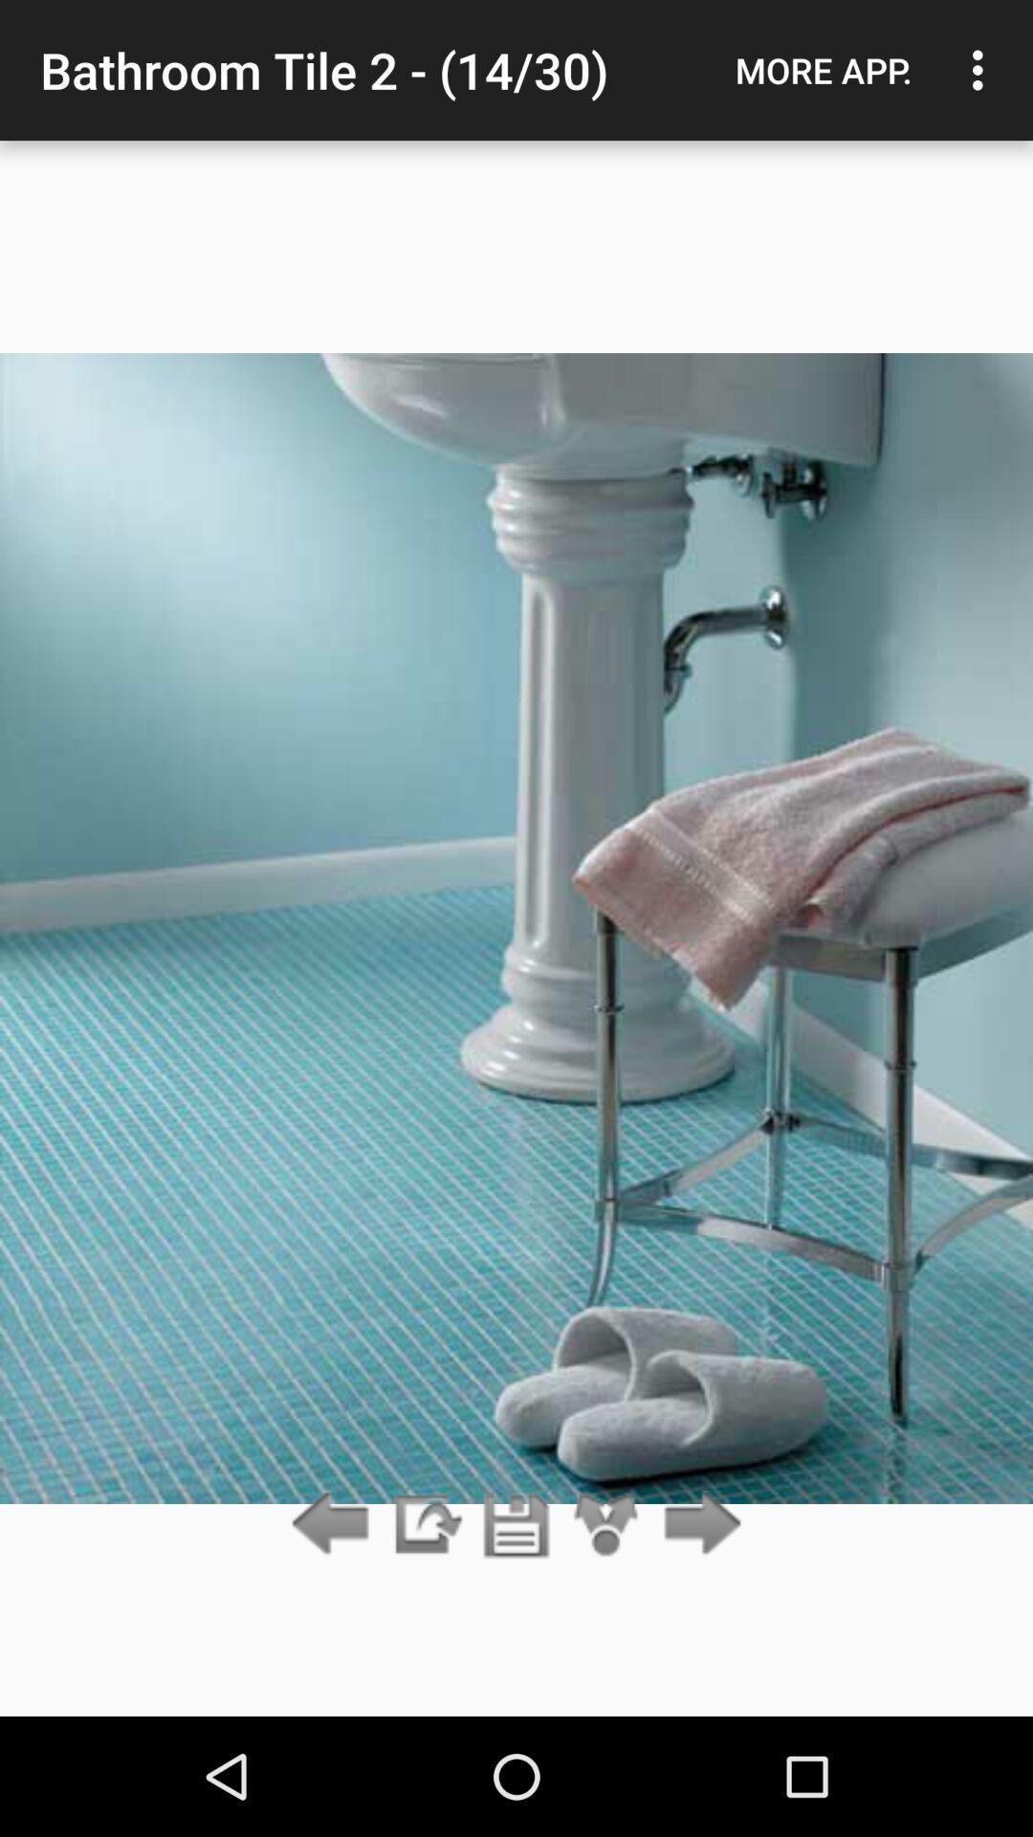 Image resolution: width=1033 pixels, height=1837 pixels. Describe the element at coordinates (697, 1524) in the screenshot. I see `the arrow_forward icon` at that location.